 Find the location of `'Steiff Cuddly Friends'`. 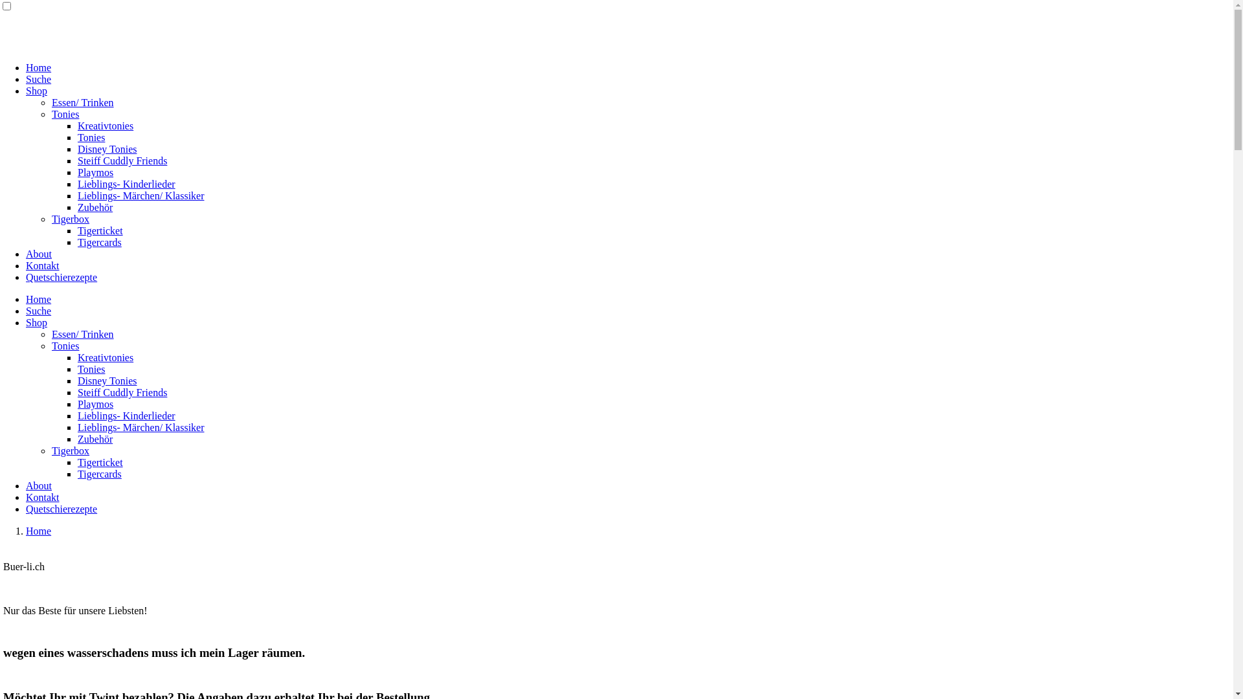

'Steiff Cuddly Friends' is located at coordinates (77, 392).